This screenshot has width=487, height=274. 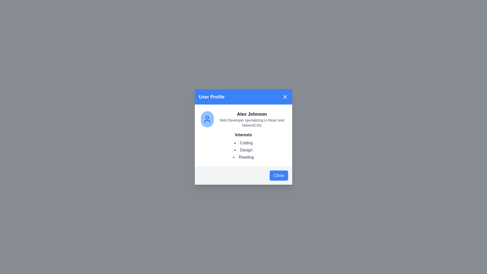 I want to click on the static text element displaying 'Coding' in the bullet list under the 'Interests' section of the modal dialogue box, so click(x=243, y=143).